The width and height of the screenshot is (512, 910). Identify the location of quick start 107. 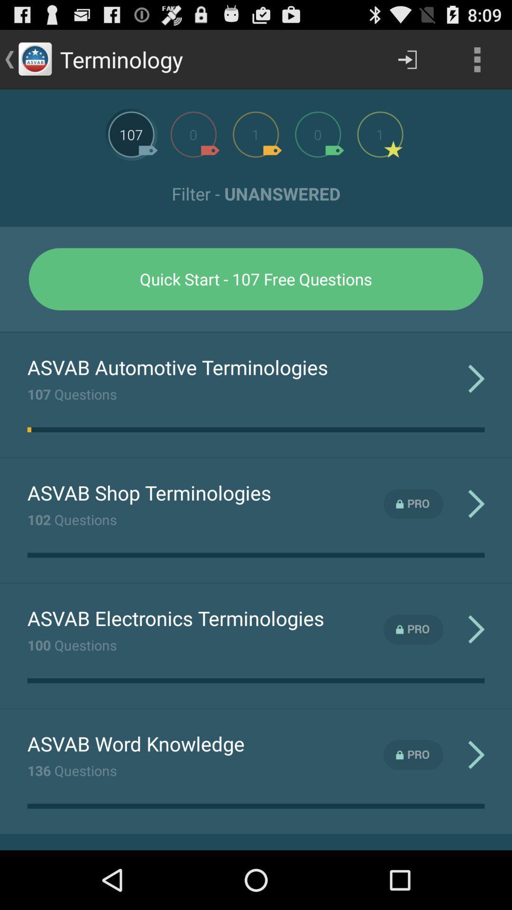
(256, 279).